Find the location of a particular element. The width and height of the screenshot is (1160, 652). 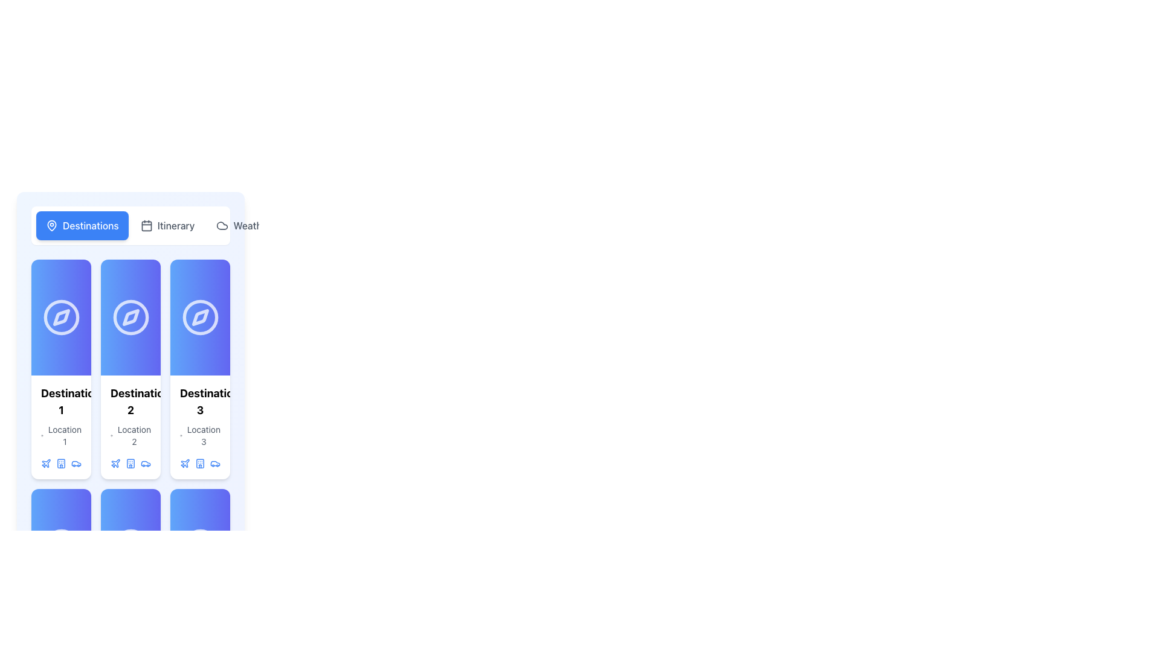

the text block displaying title and subtitle at the bottom of the first card in a grid layout is located at coordinates (60, 427).